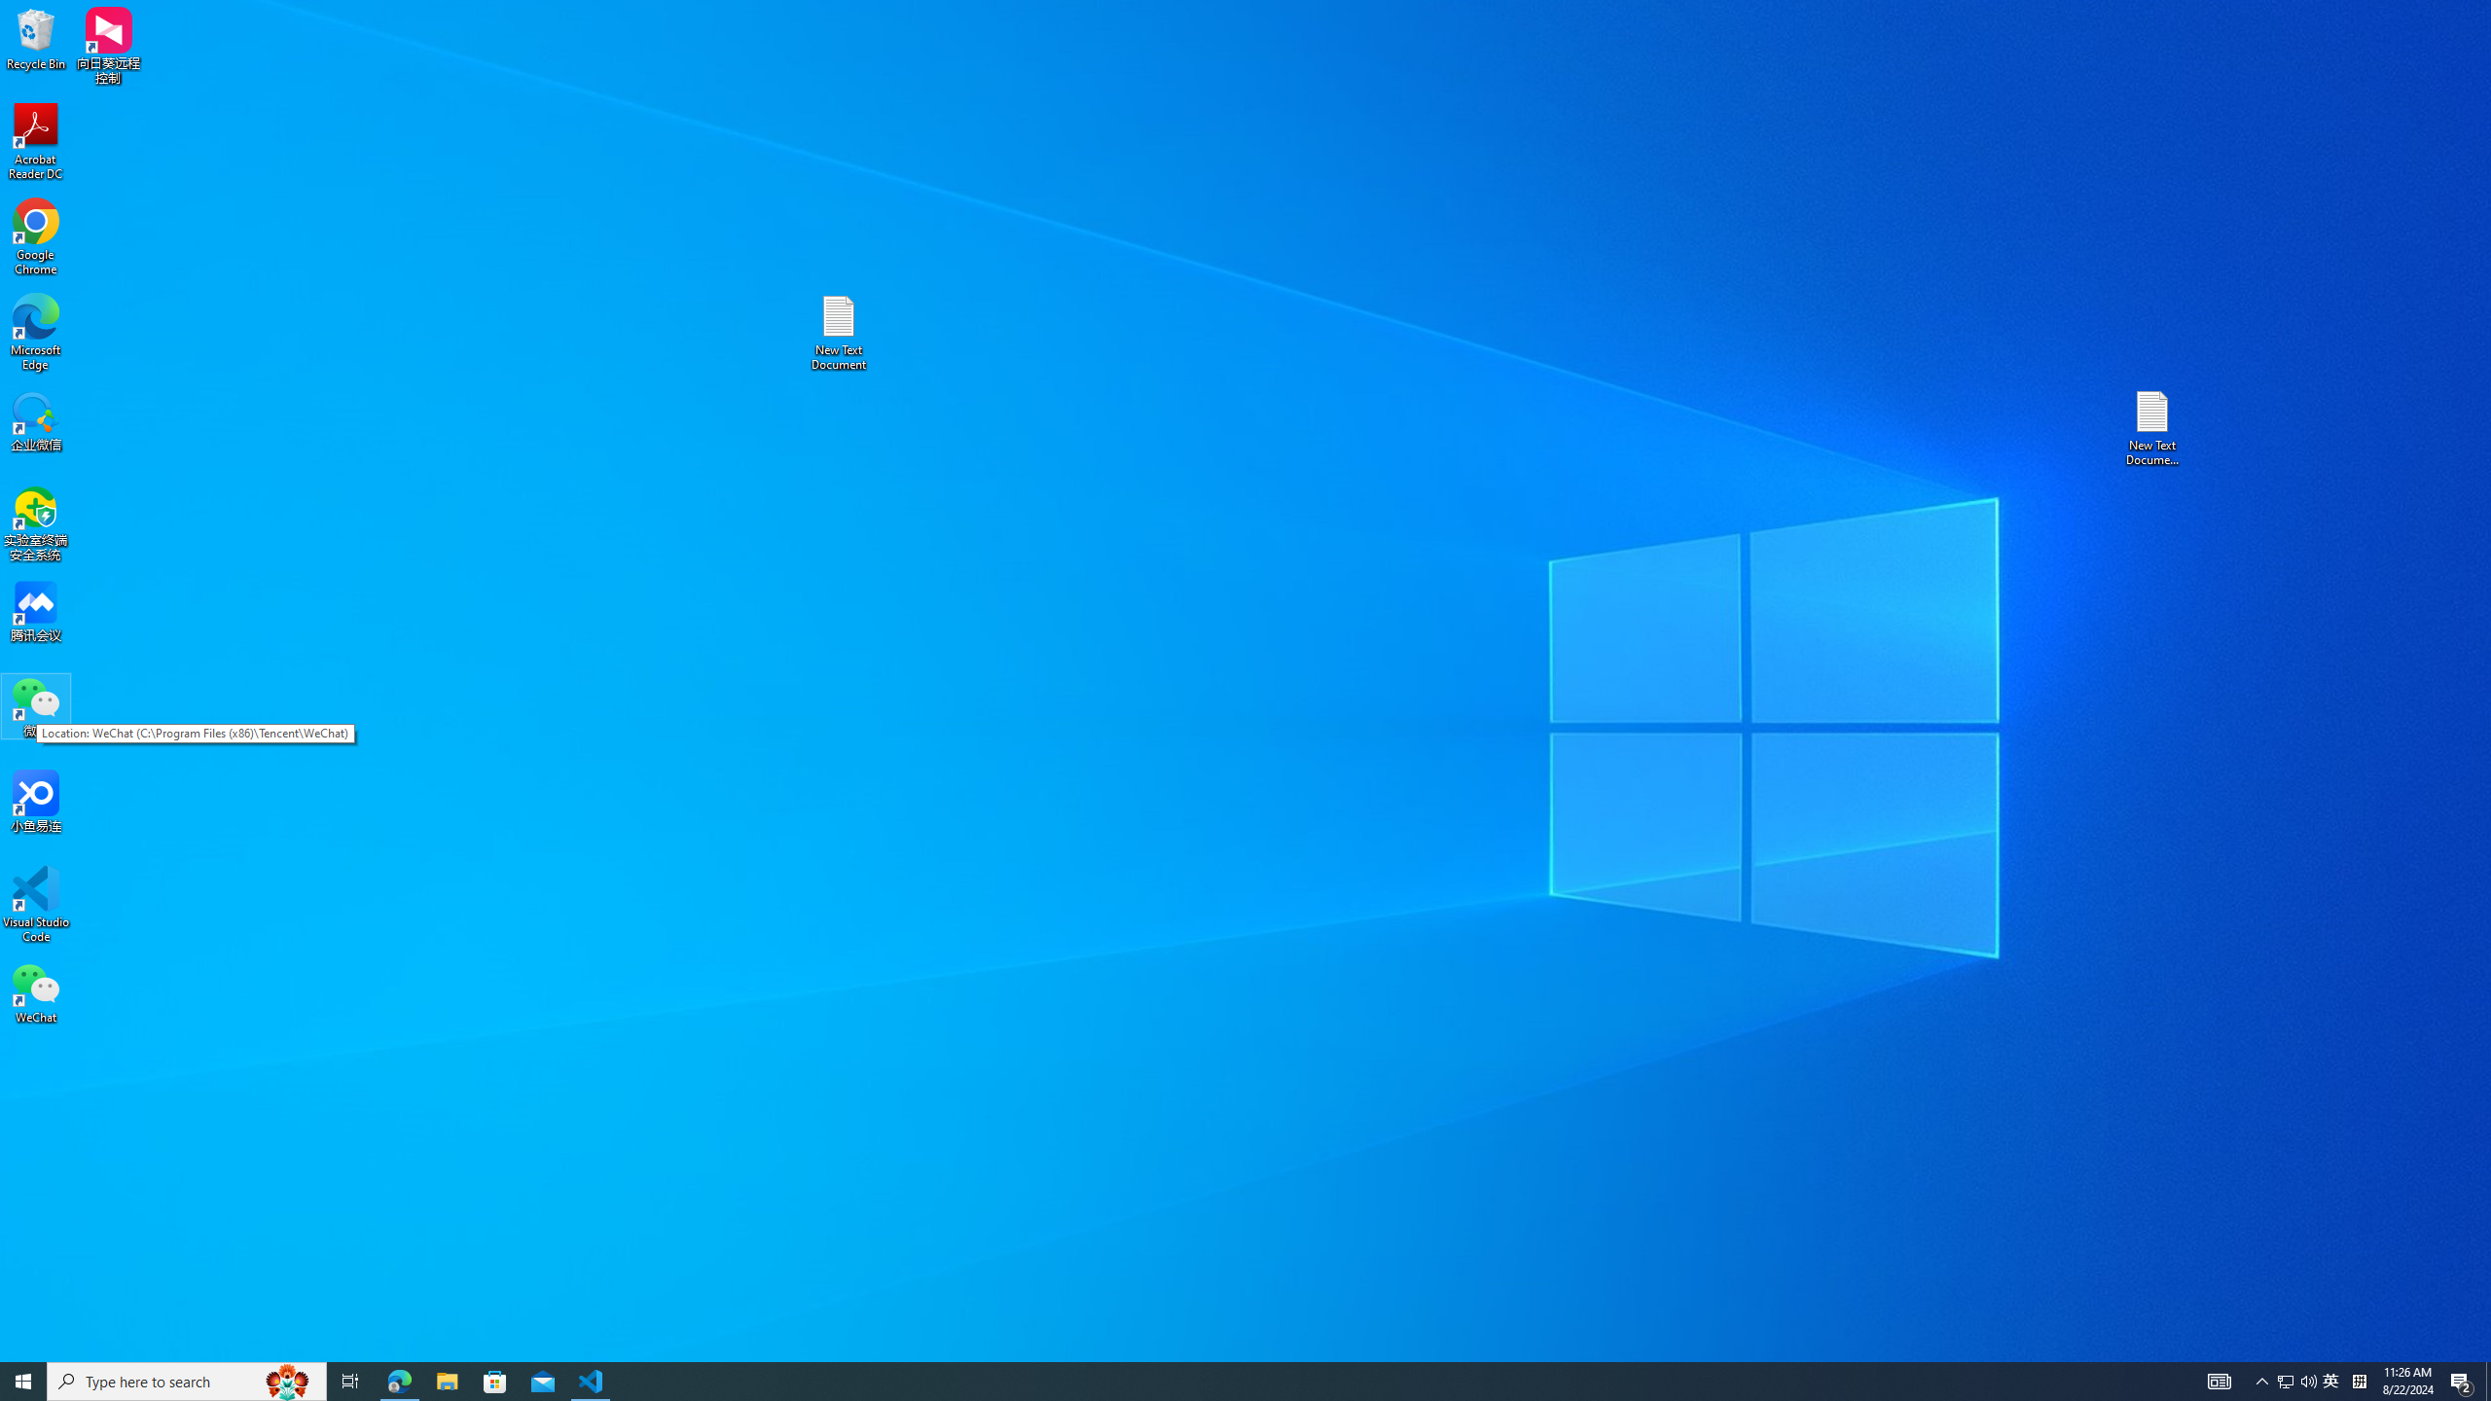 The width and height of the screenshot is (2491, 1401). What do you see at coordinates (495, 1380) in the screenshot?
I see `'Microsoft Store'` at bounding box center [495, 1380].